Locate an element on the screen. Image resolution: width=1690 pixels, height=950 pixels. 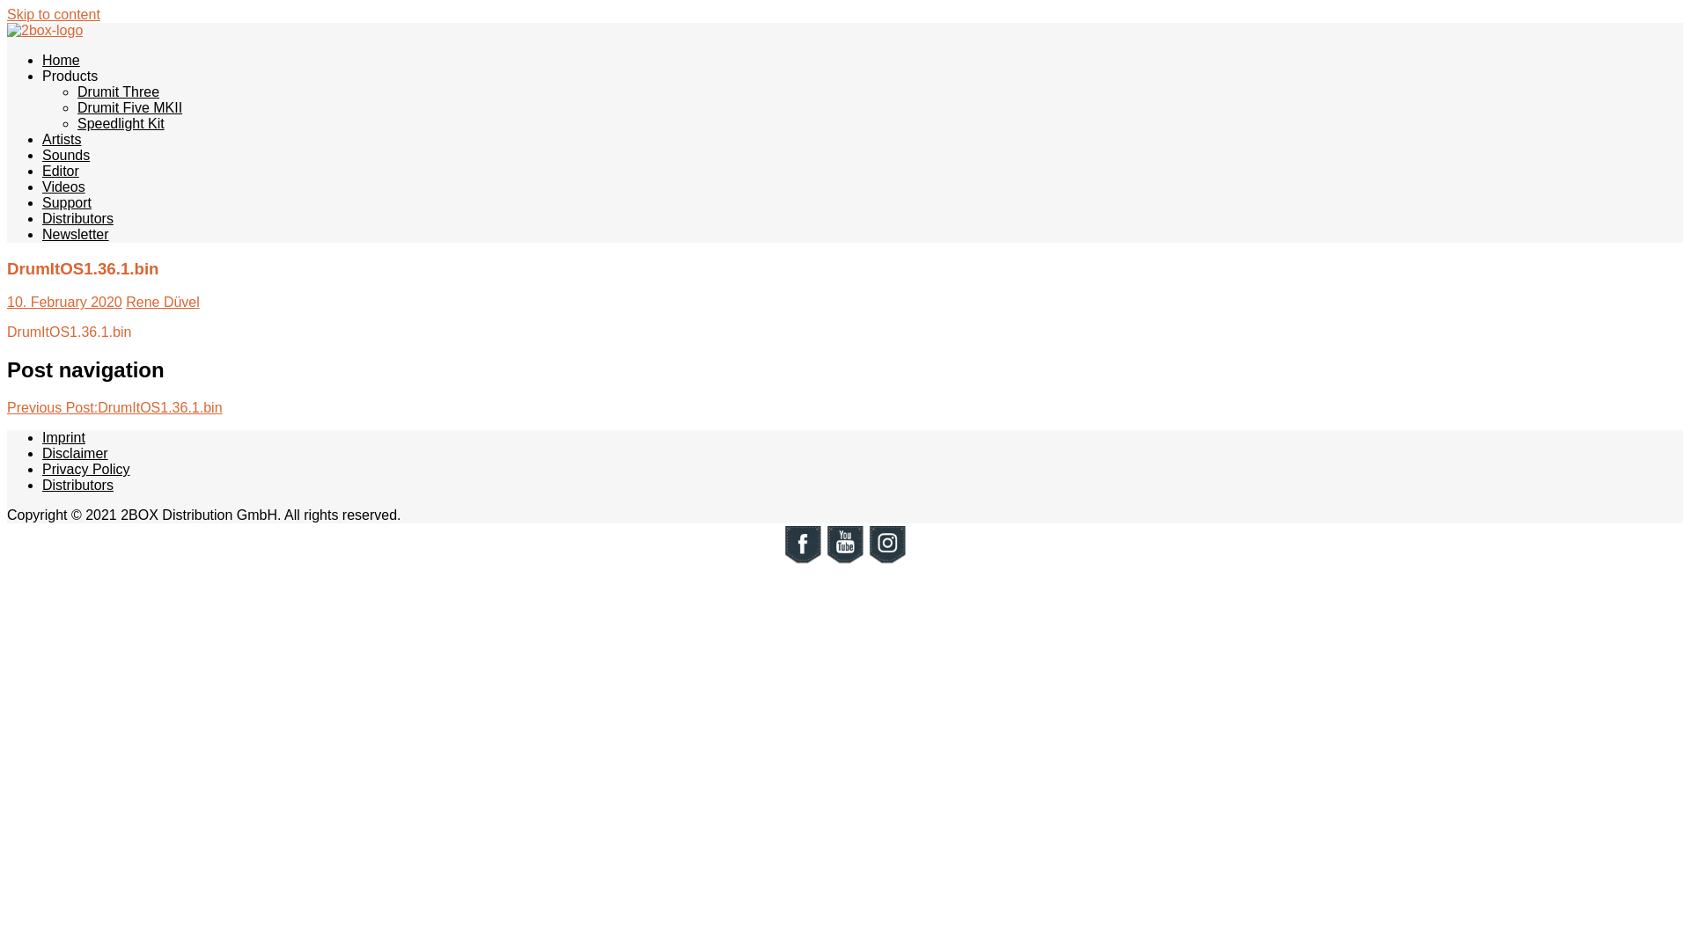
'Home' is located at coordinates (61, 59).